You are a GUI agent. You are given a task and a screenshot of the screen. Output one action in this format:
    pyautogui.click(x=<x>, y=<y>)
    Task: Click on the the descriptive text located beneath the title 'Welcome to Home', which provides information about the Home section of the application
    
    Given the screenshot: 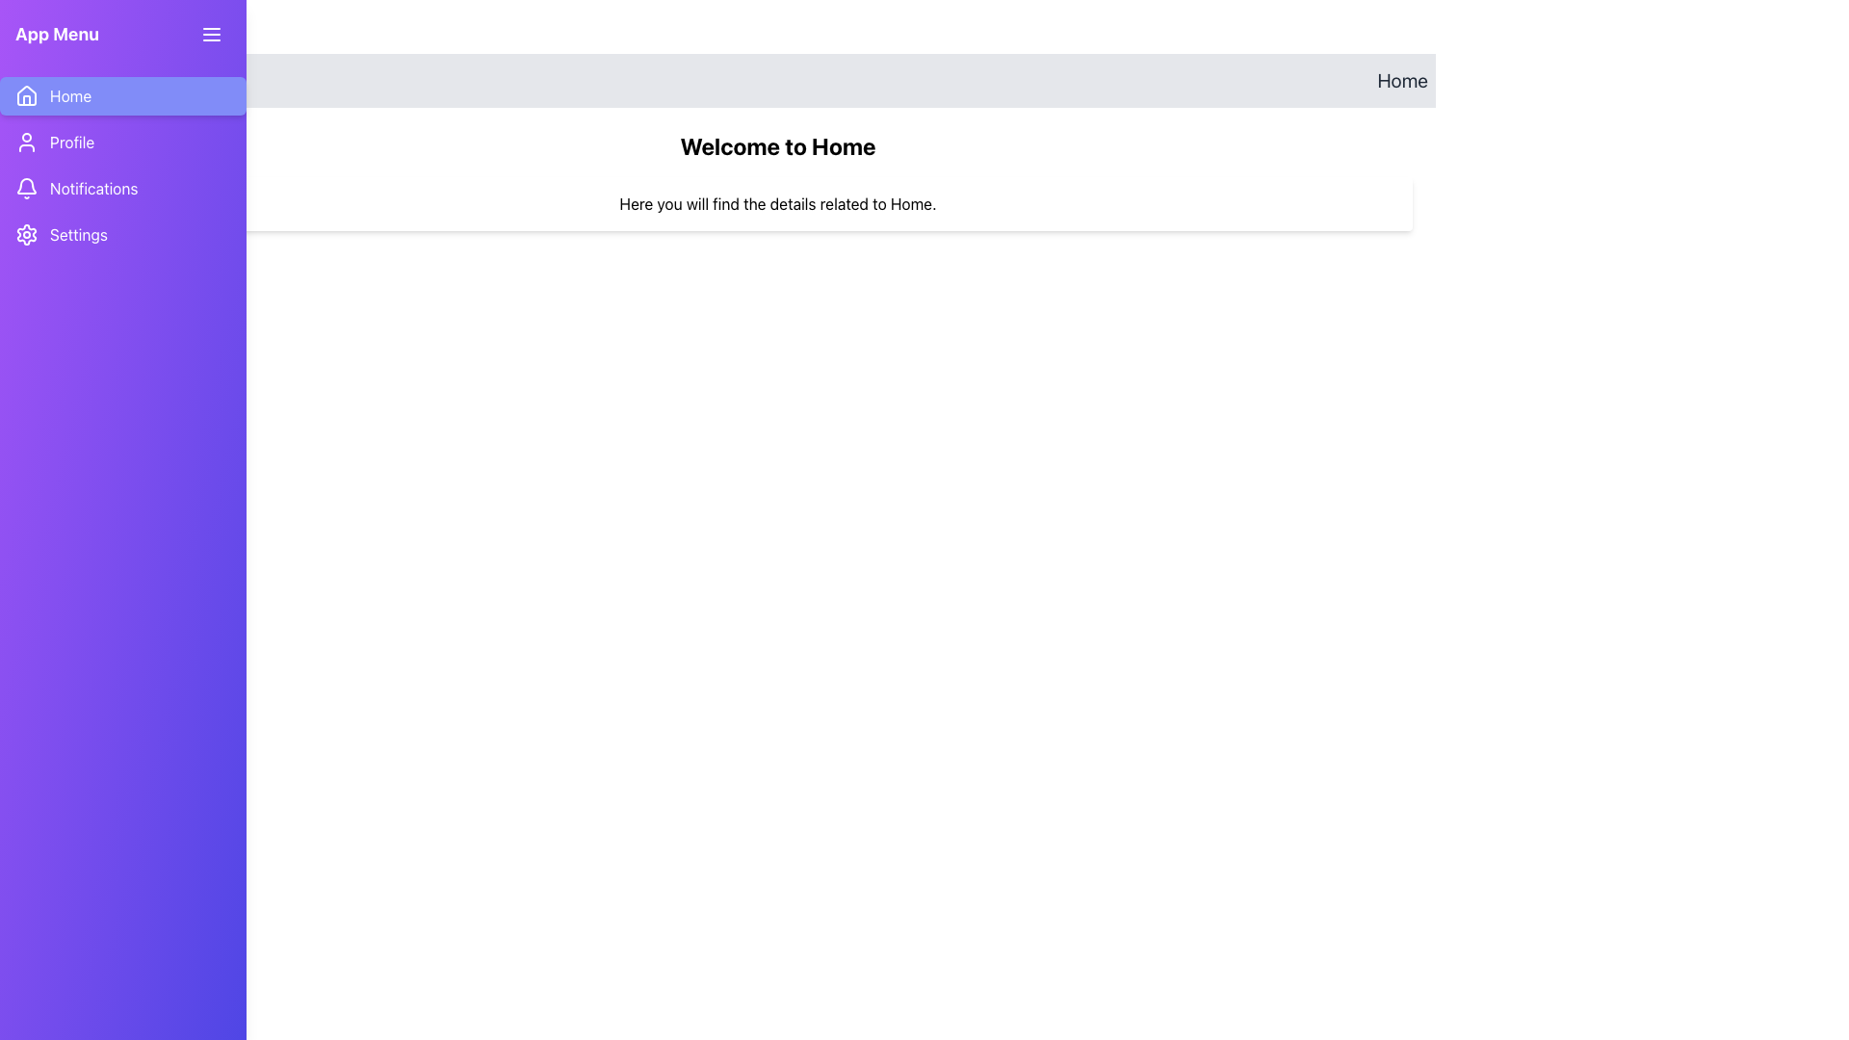 What is the action you would take?
    pyautogui.click(x=777, y=204)
    